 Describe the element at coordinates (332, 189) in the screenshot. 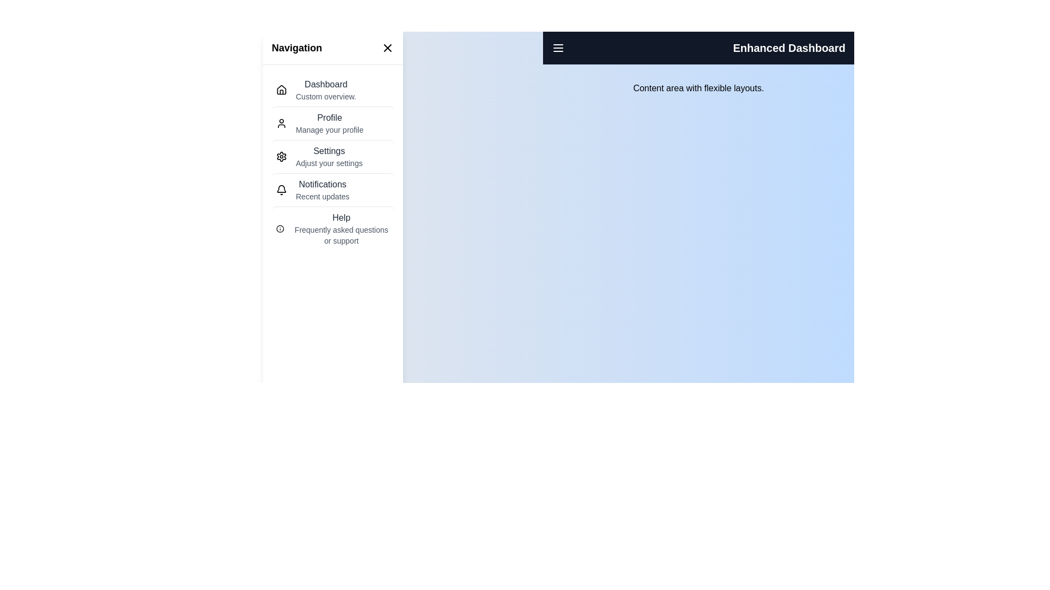

I see `the fourth item in the sidebar navigation menu, which features a bell icon and the text 'Notifications' and 'Recent updates'` at that location.